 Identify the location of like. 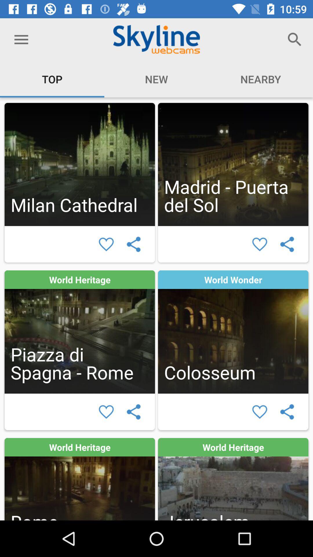
(106, 244).